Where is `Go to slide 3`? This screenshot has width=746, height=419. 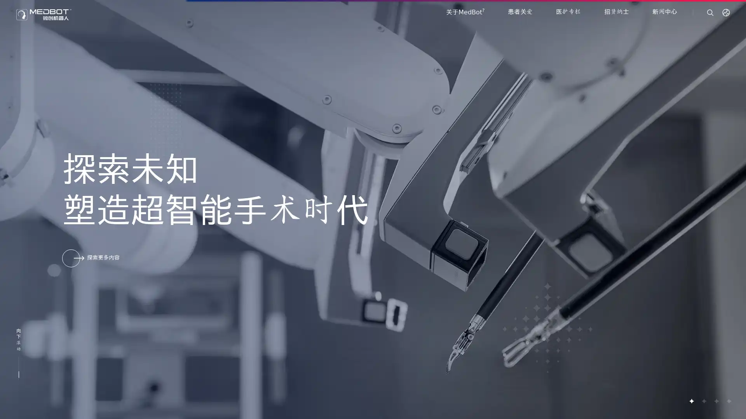 Go to slide 3 is located at coordinates (716, 401).